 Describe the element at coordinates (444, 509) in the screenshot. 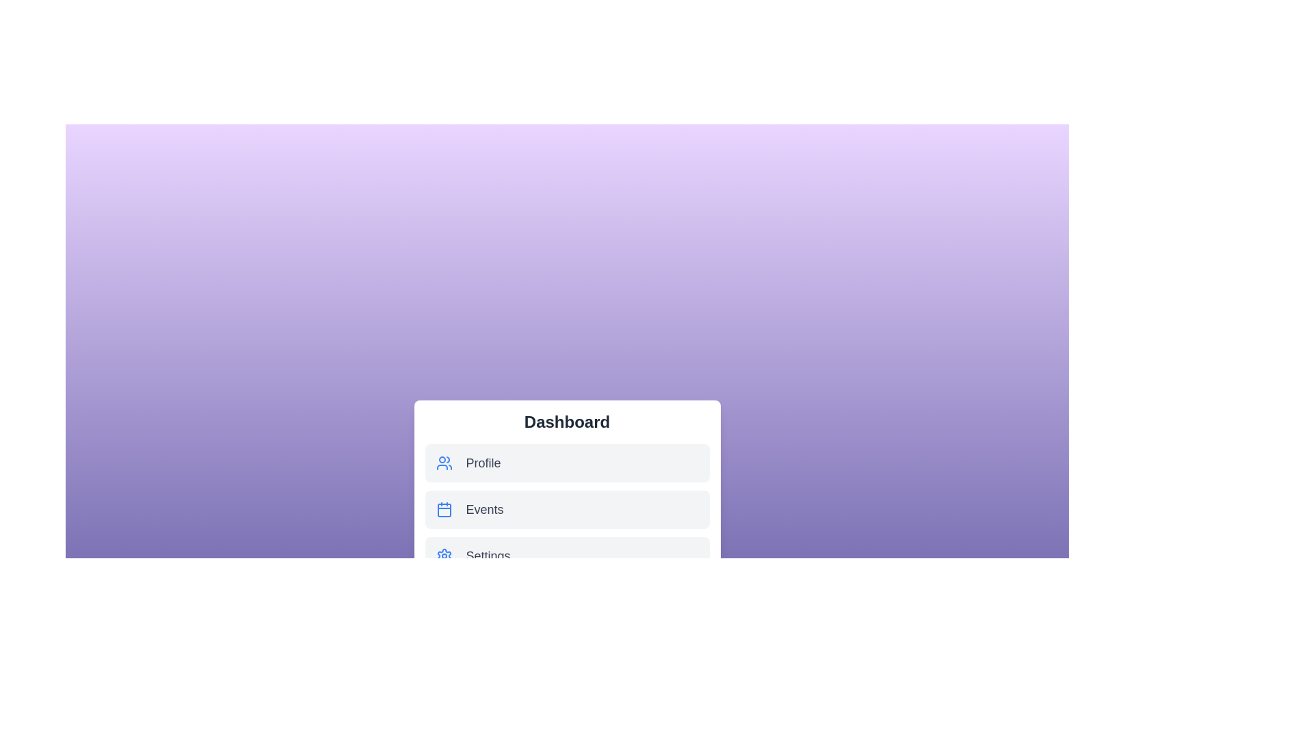

I see `the Calendar icon in the sidebar, located below the Profile section and above Settings` at that location.